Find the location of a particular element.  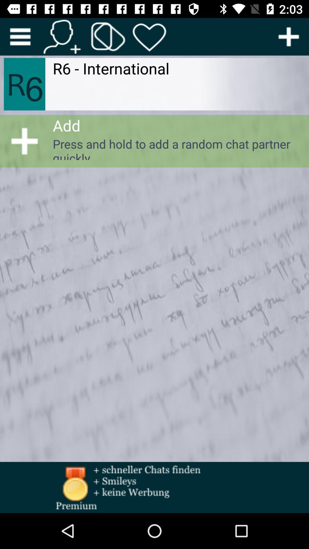

cross phone options is located at coordinates (108, 36).